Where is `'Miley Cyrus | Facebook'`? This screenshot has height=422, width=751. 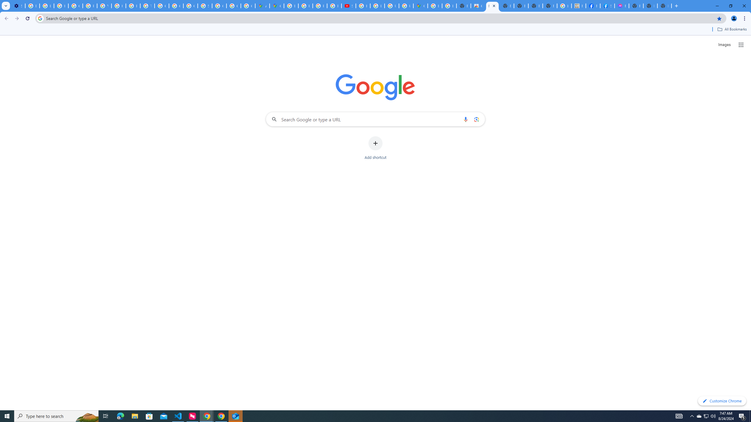 'Miley Cyrus | Facebook' is located at coordinates (593, 6).